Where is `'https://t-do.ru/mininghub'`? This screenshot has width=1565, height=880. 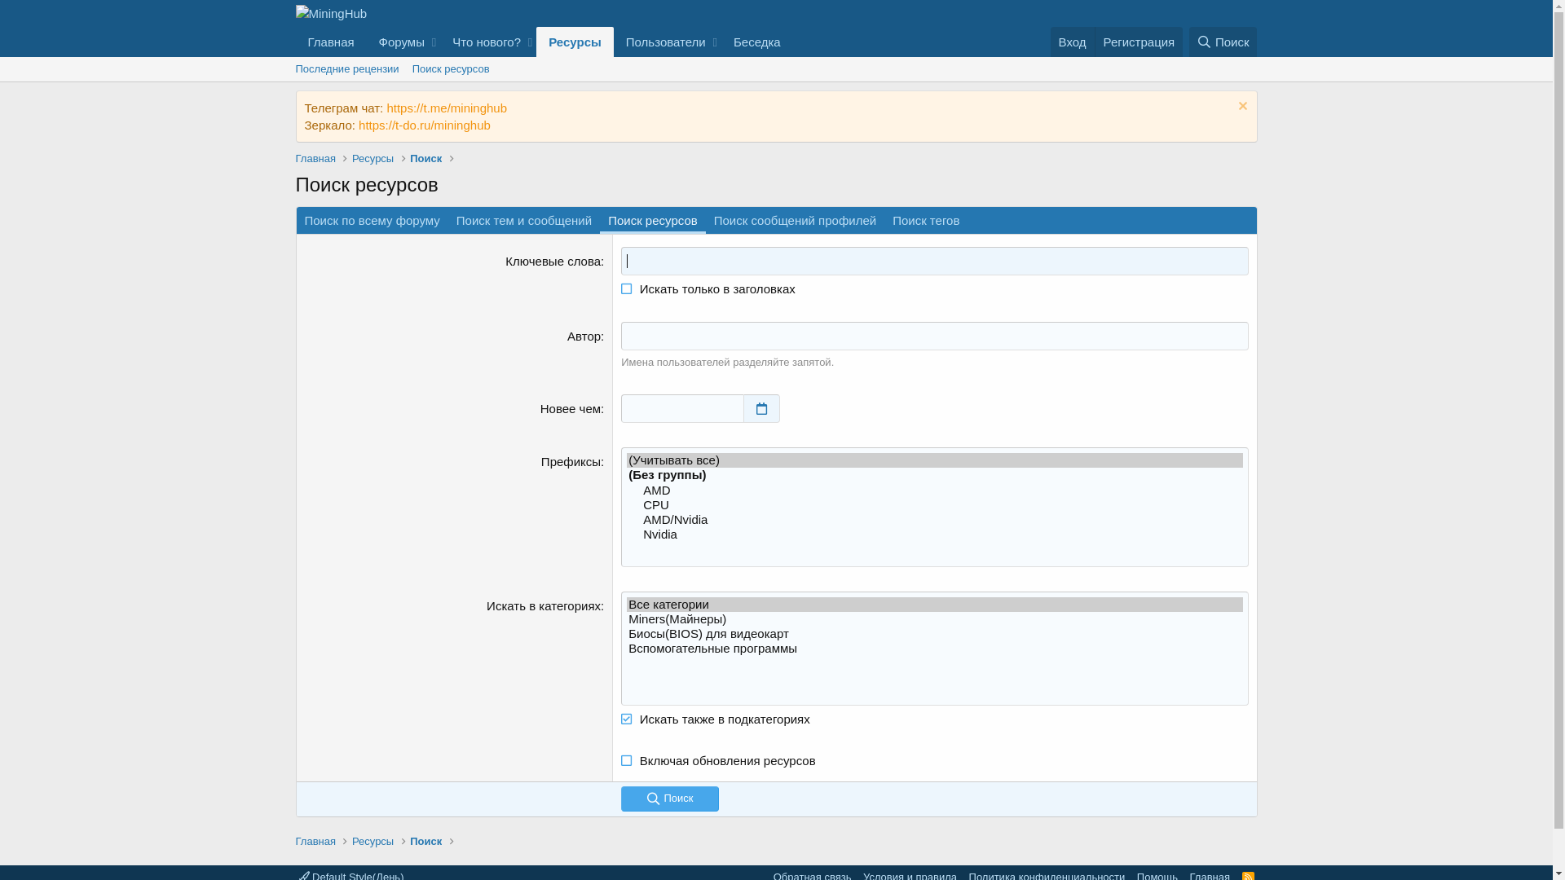
'https://t-do.ru/mininghub' is located at coordinates (358, 124).